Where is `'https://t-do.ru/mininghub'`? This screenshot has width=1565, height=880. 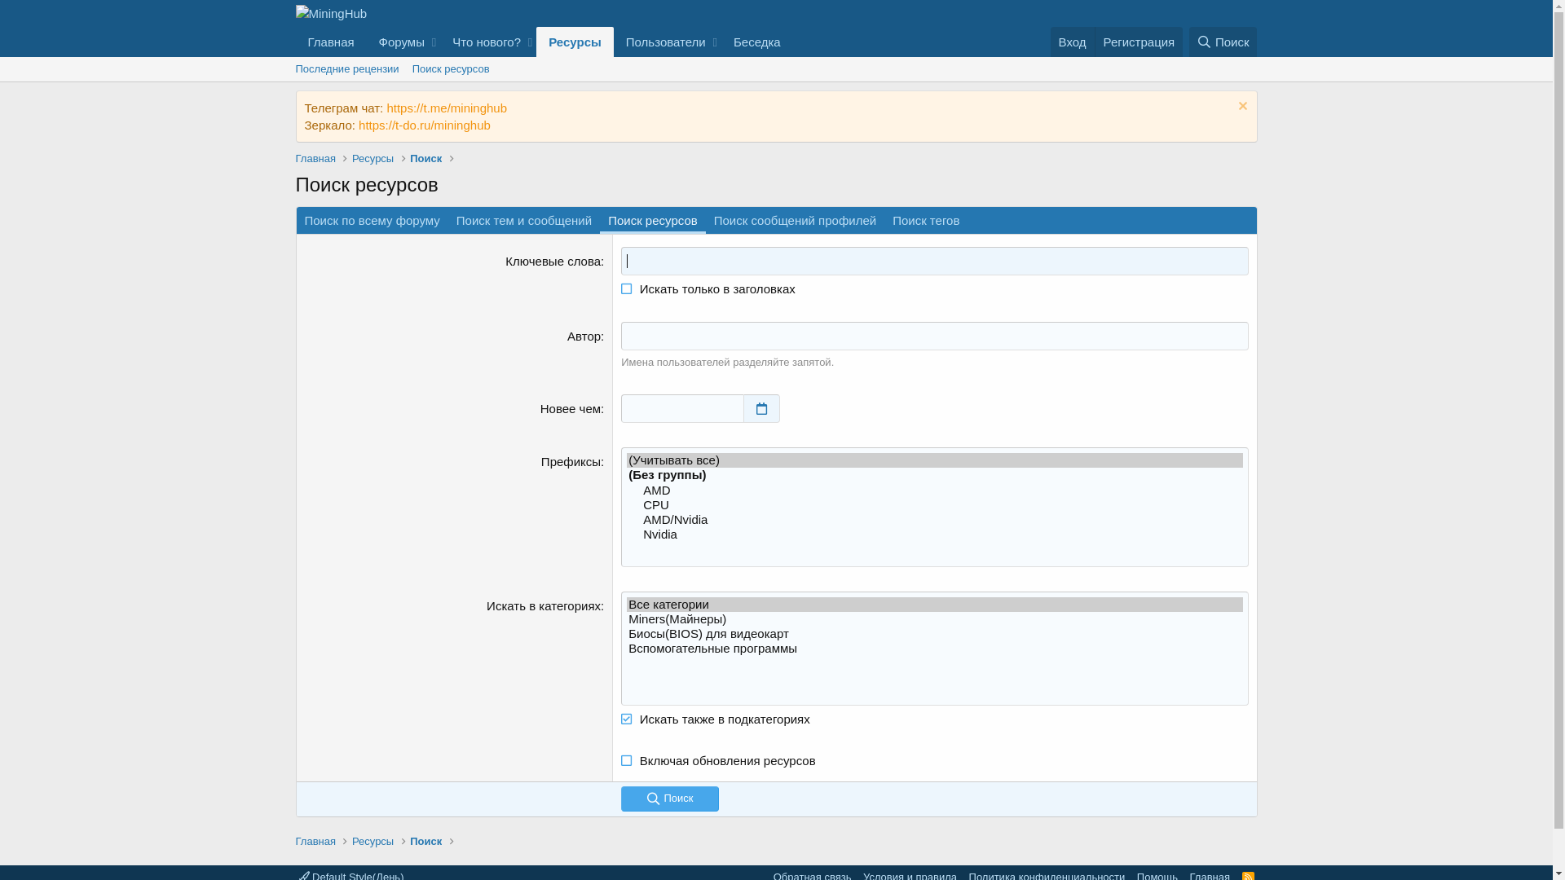
'https://t-do.ru/mininghub' is located at coordinates (358, 124).